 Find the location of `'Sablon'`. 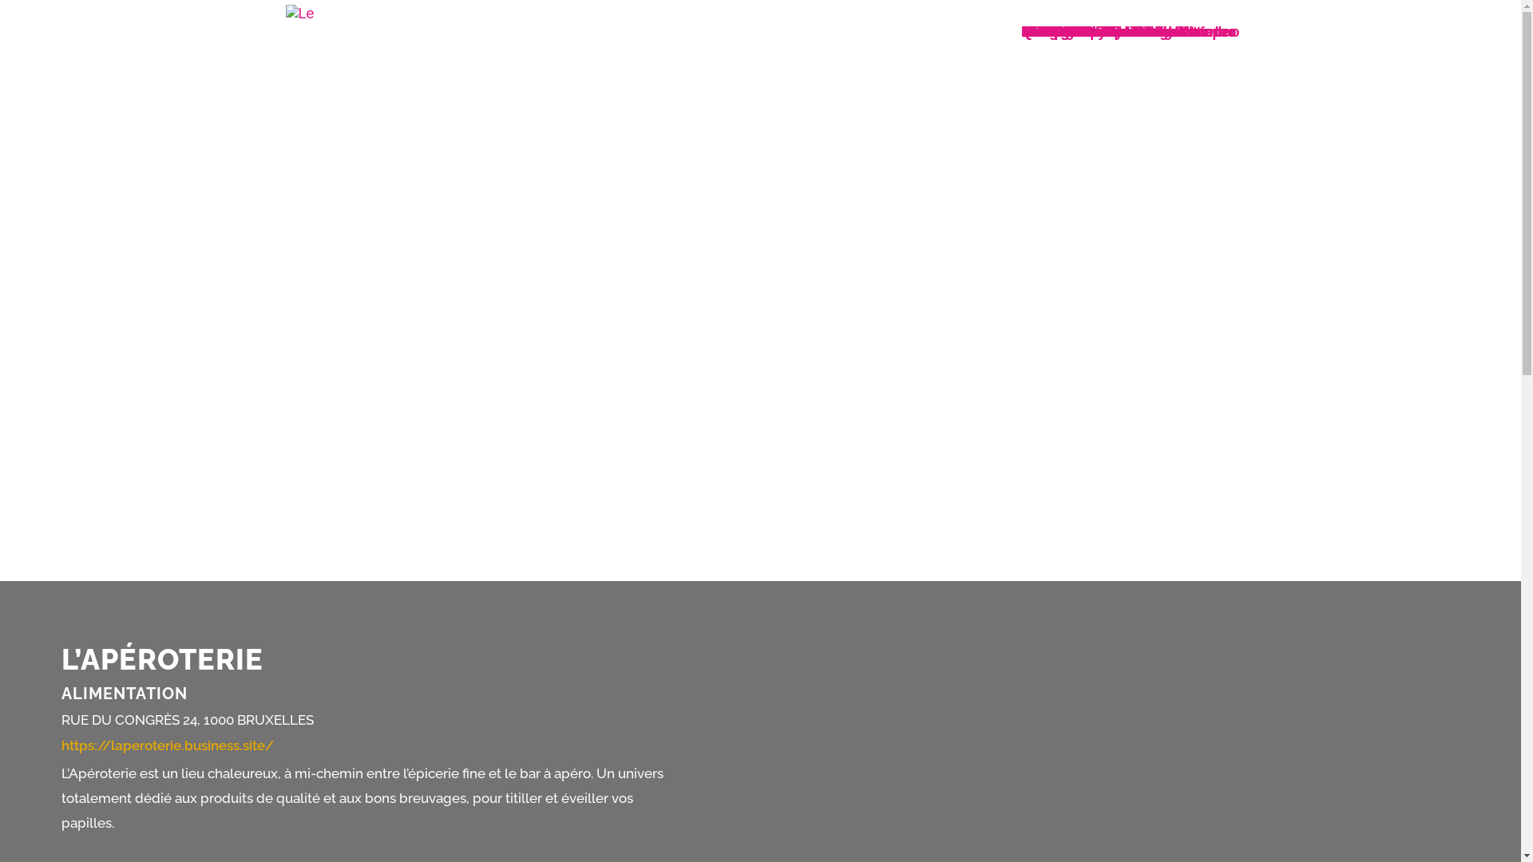

'Sablon' is located at coordinates (1020, 31).